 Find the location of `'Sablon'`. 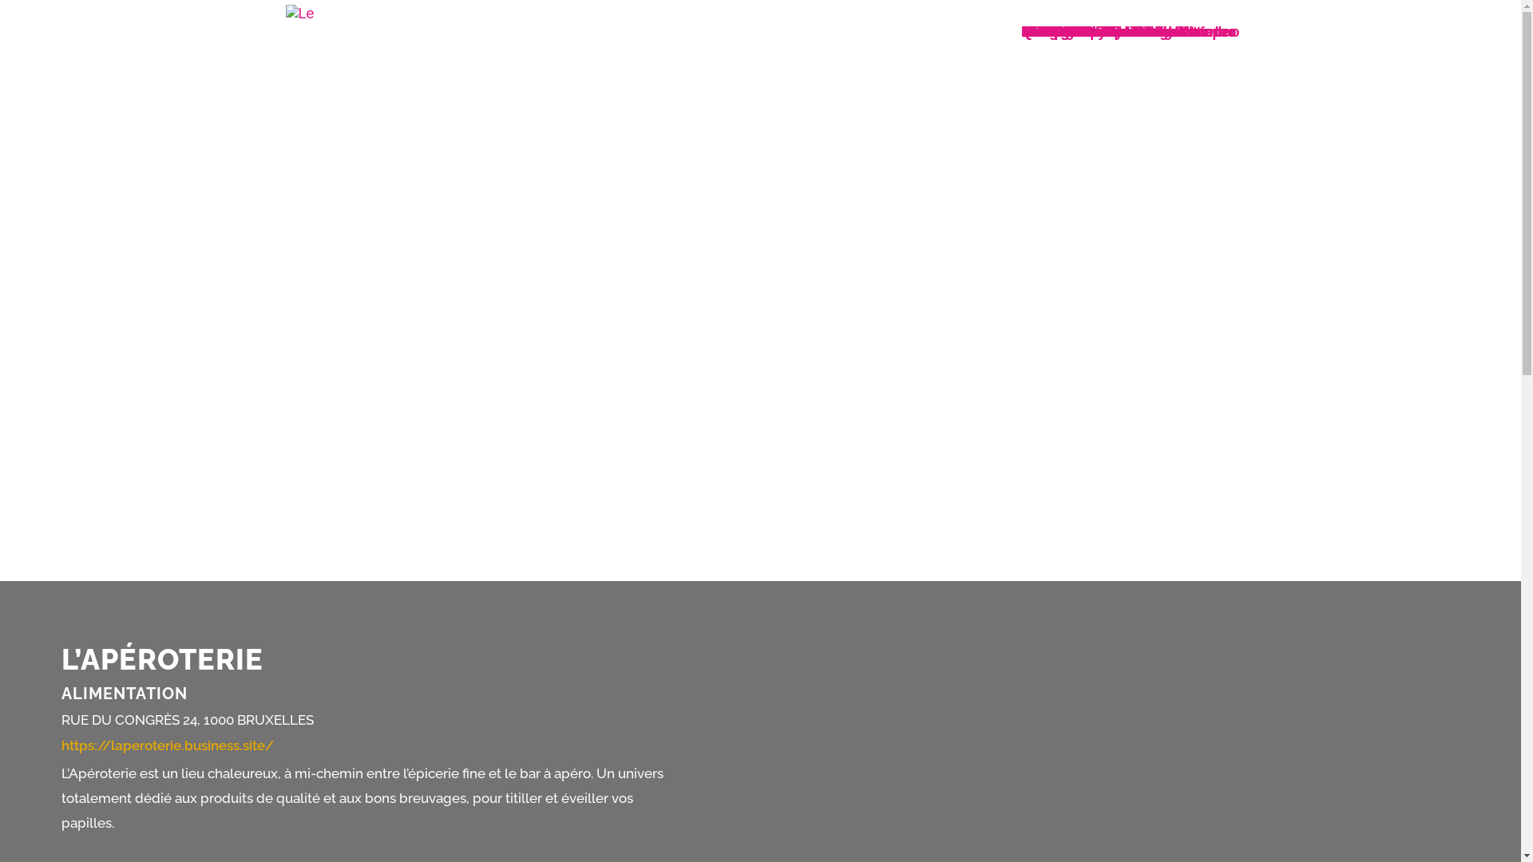

'Sablon' is located at coordinates (1020, 31).